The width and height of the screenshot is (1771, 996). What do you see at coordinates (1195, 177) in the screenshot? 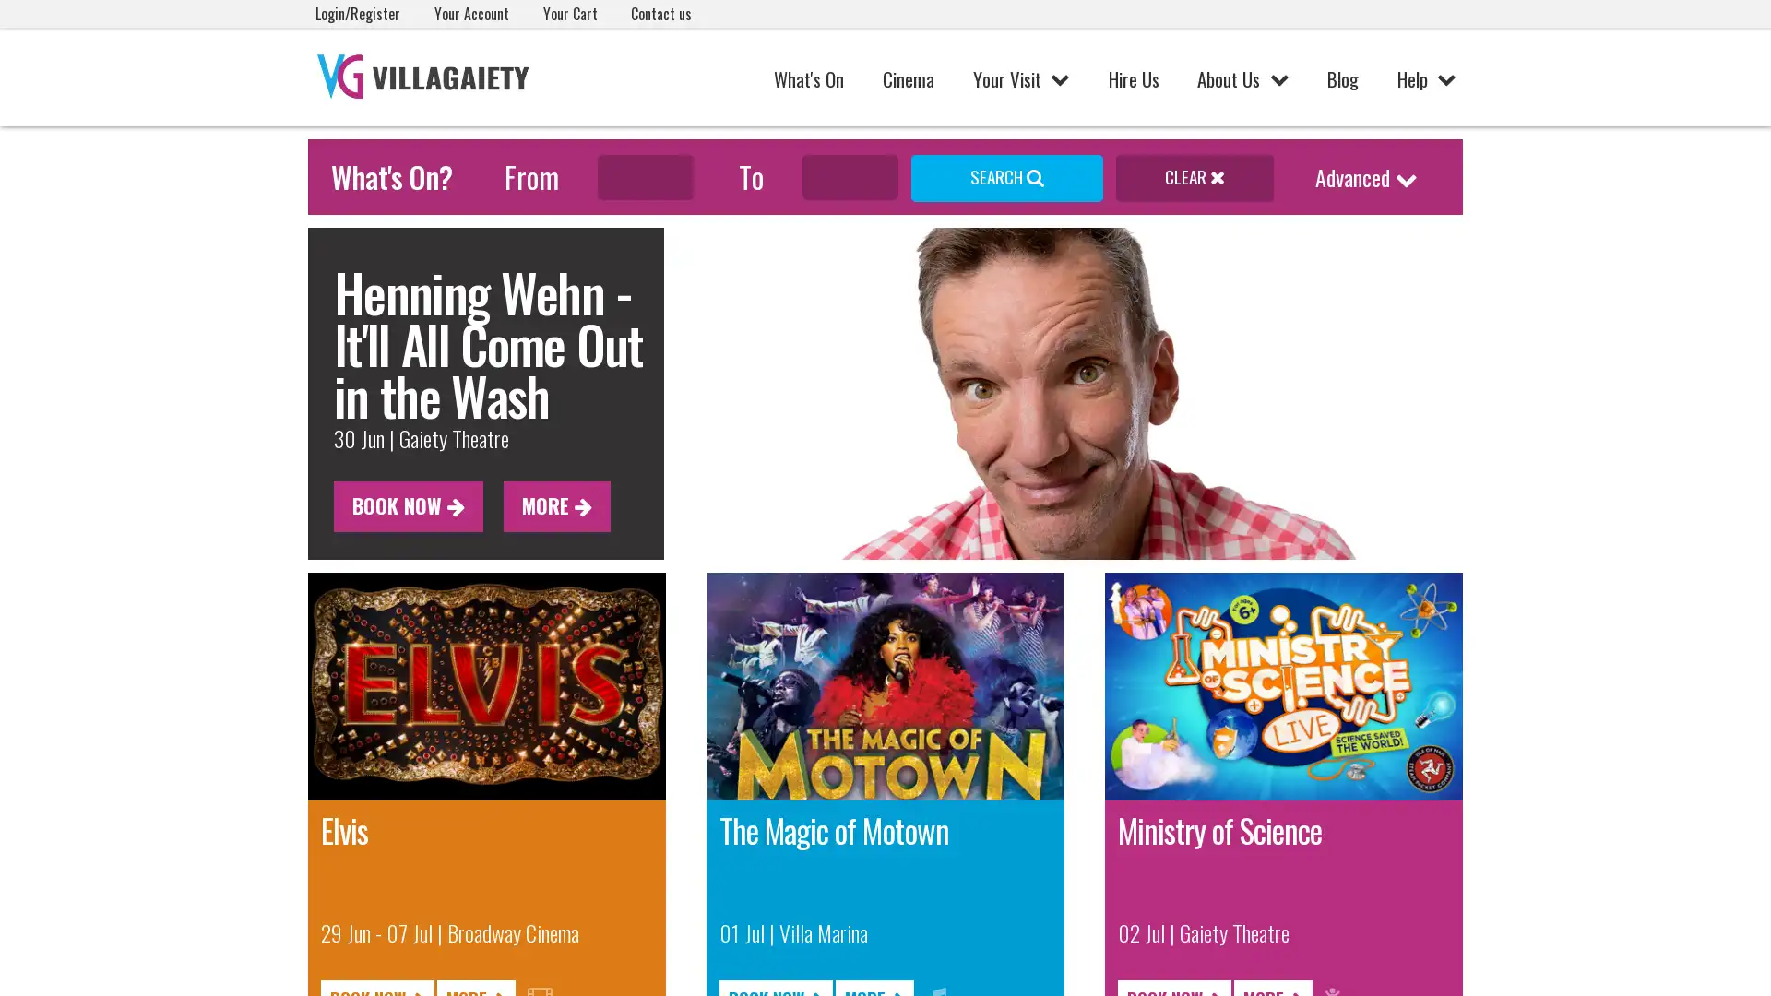
I see `CLEAR` at bounding box center [1195, 177].